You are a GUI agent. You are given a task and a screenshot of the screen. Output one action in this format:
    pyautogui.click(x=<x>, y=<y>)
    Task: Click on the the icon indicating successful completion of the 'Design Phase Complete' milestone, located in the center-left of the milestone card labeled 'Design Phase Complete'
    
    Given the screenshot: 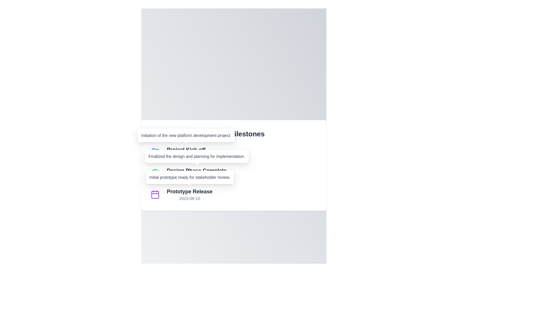 What is the action you would take?
    pyautogui.click(x=155, y=173)
    